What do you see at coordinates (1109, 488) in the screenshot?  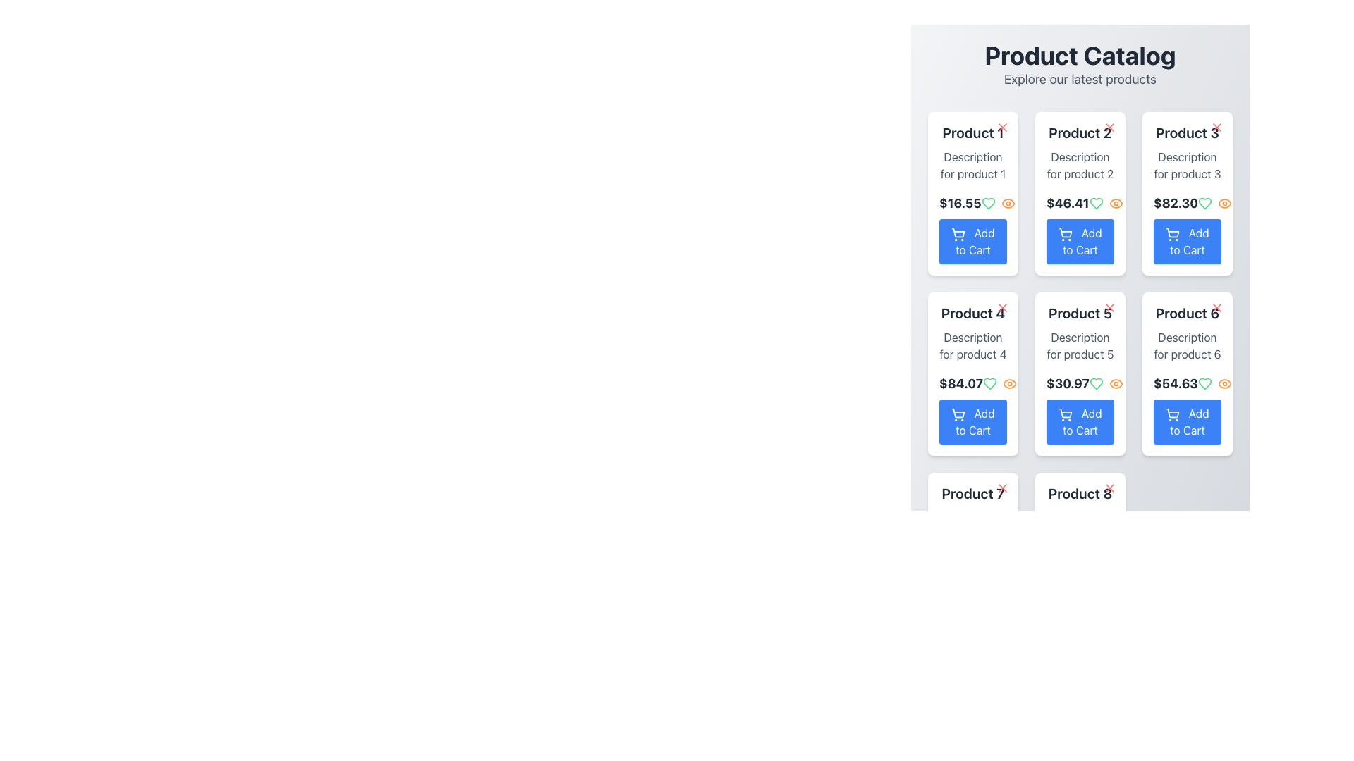 I see `the close or dismiss icon (an 'X' shaped SVG icon with rounded edges) located at the bottom-right of the 'Product 8' card` at bounding box center [1109, 488].